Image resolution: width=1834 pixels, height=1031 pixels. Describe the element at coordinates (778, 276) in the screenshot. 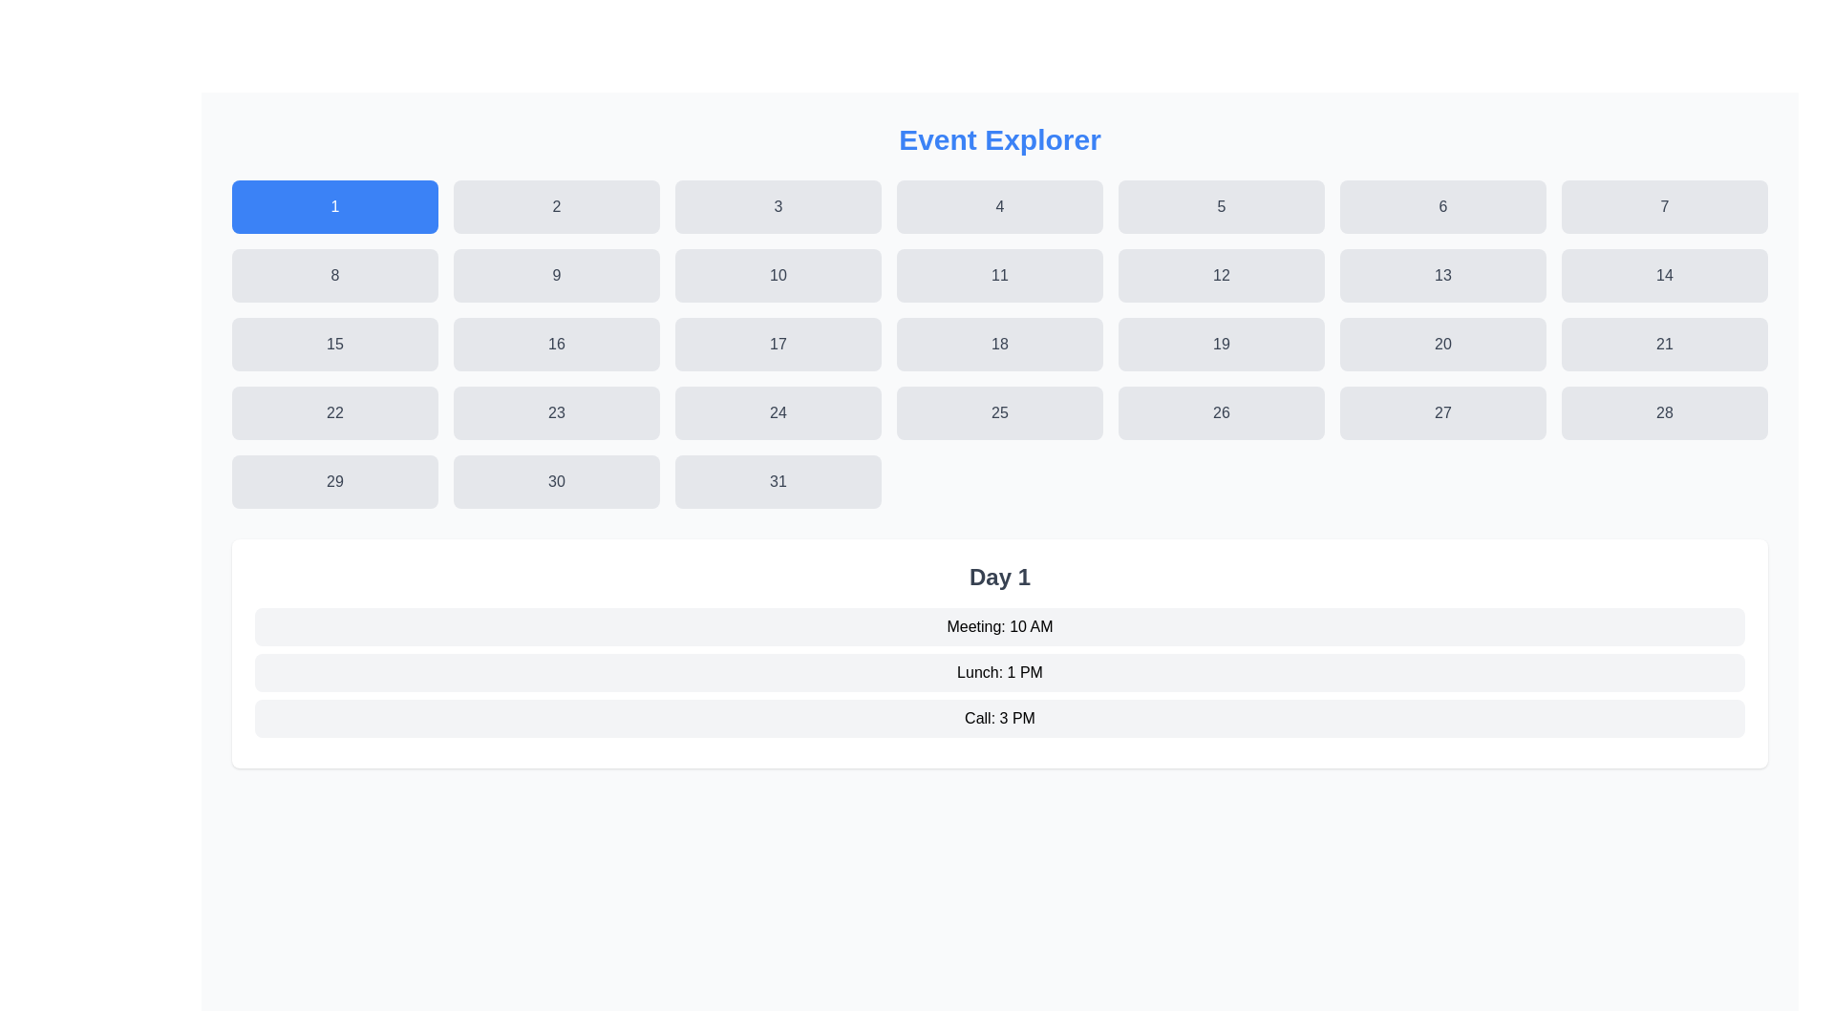

I see `the button labeled '10' which is the third button in the second row of the Event Explorer grid` at that location.